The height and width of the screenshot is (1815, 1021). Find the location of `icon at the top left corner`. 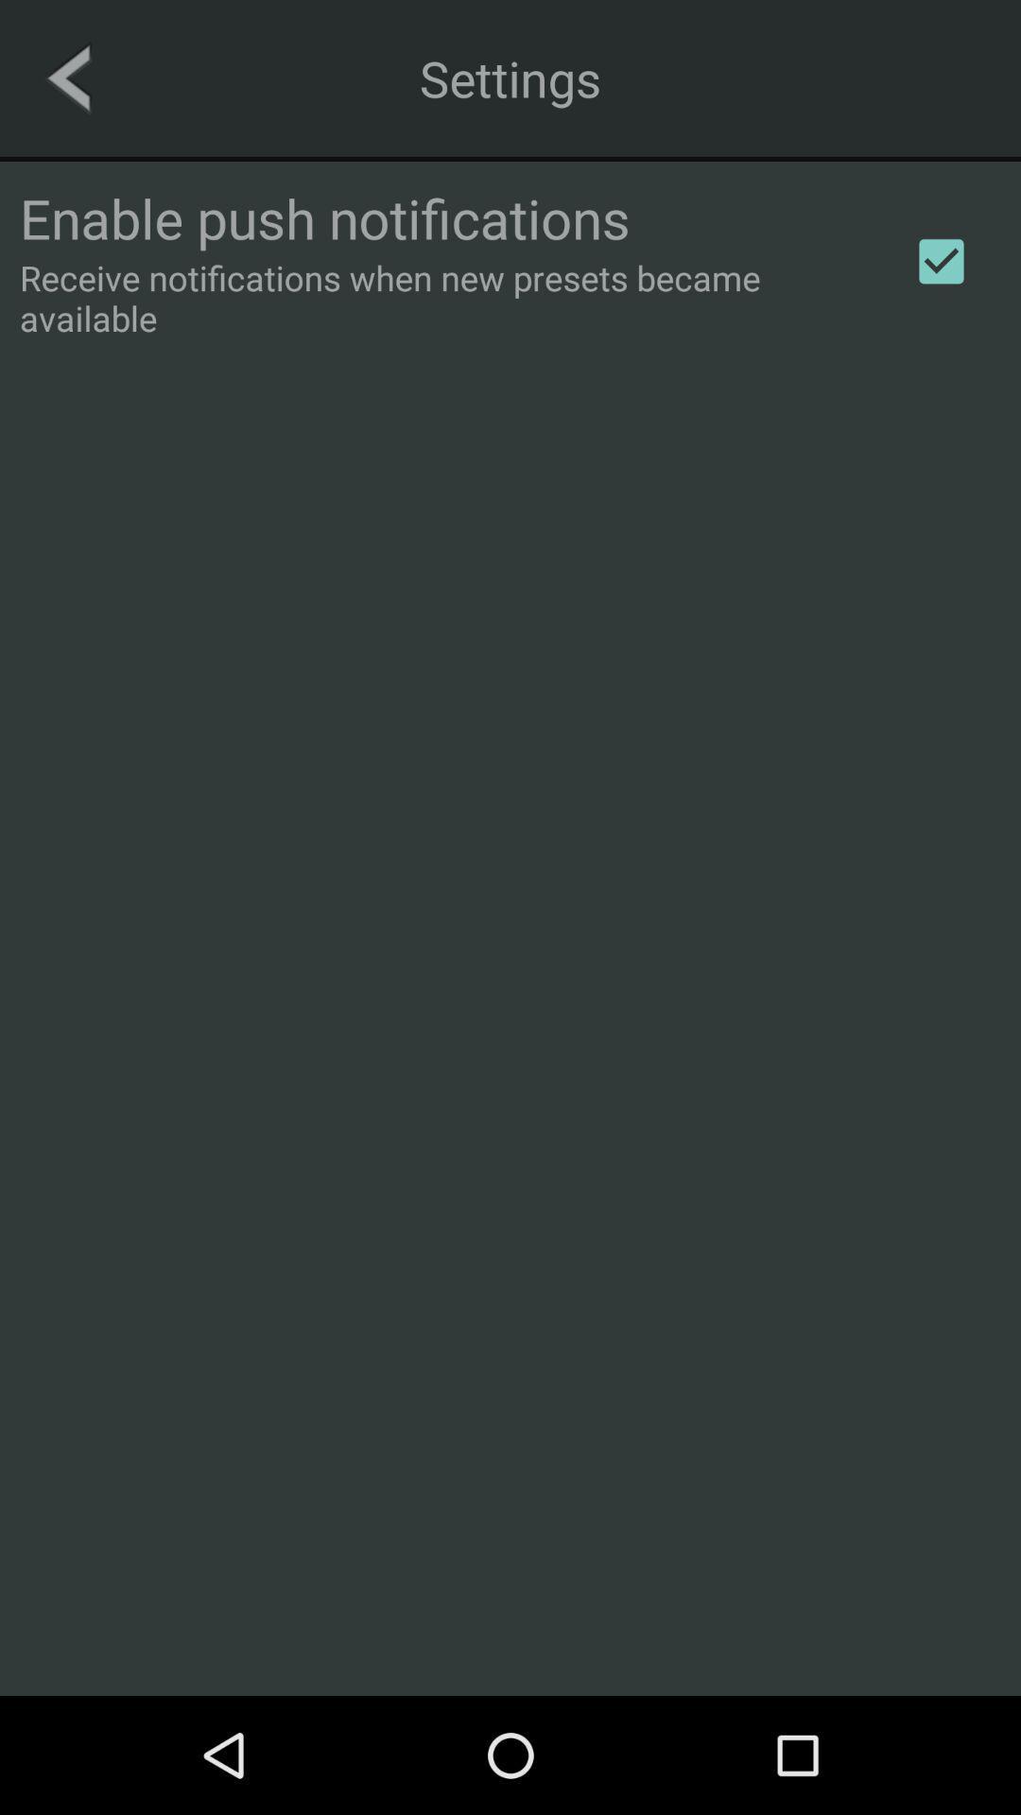

icon at the top left corner is located at coordinates (67, 77).